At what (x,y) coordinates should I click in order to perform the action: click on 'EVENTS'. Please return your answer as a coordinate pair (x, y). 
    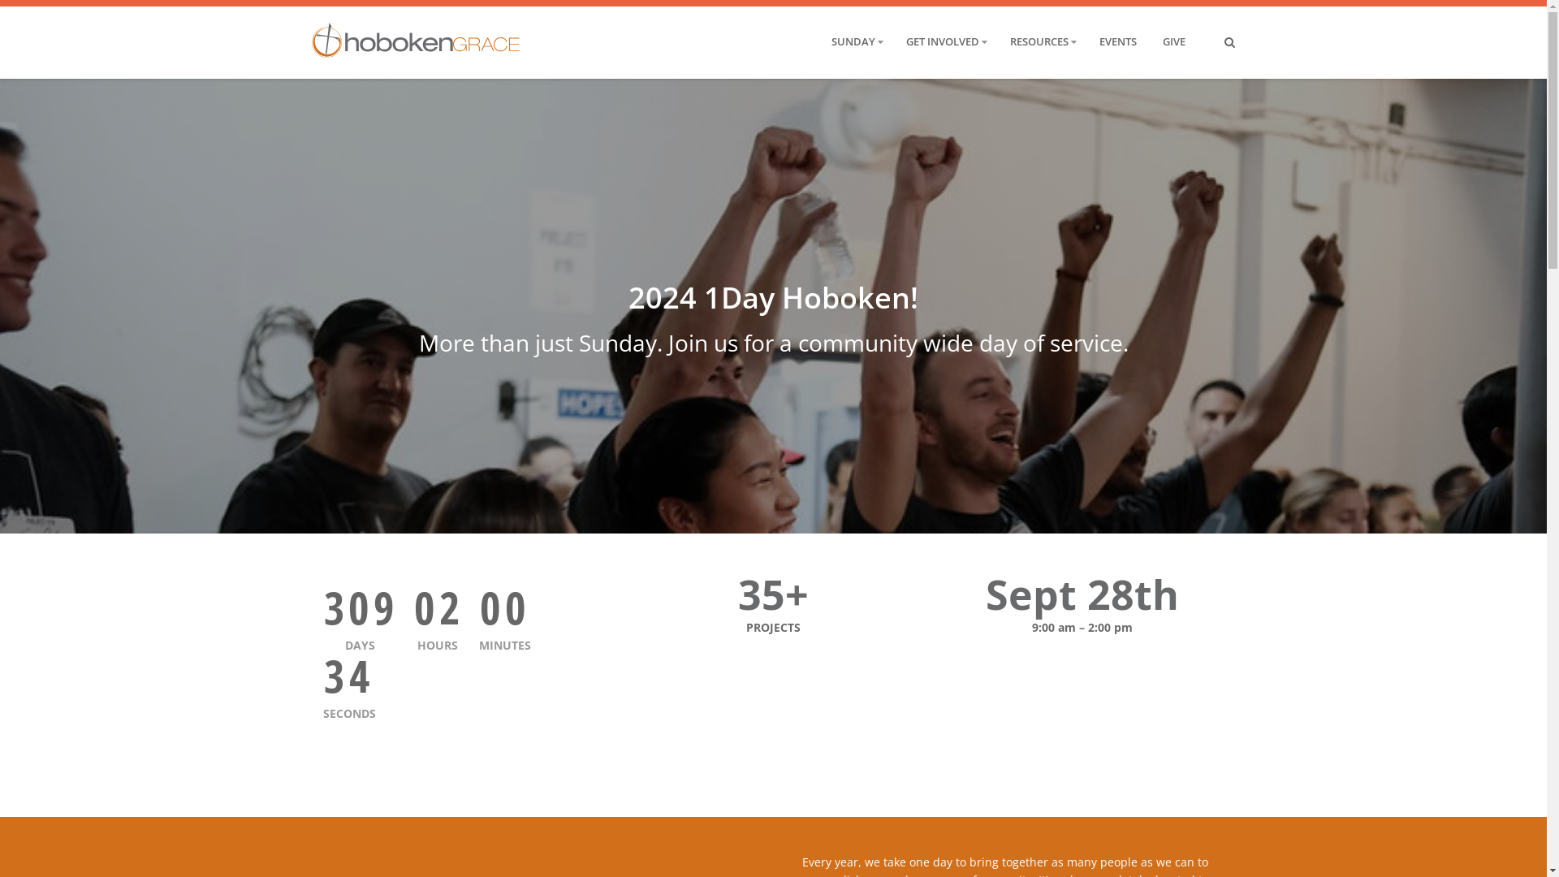
    Looking at the image, I should click on (1099, 41).